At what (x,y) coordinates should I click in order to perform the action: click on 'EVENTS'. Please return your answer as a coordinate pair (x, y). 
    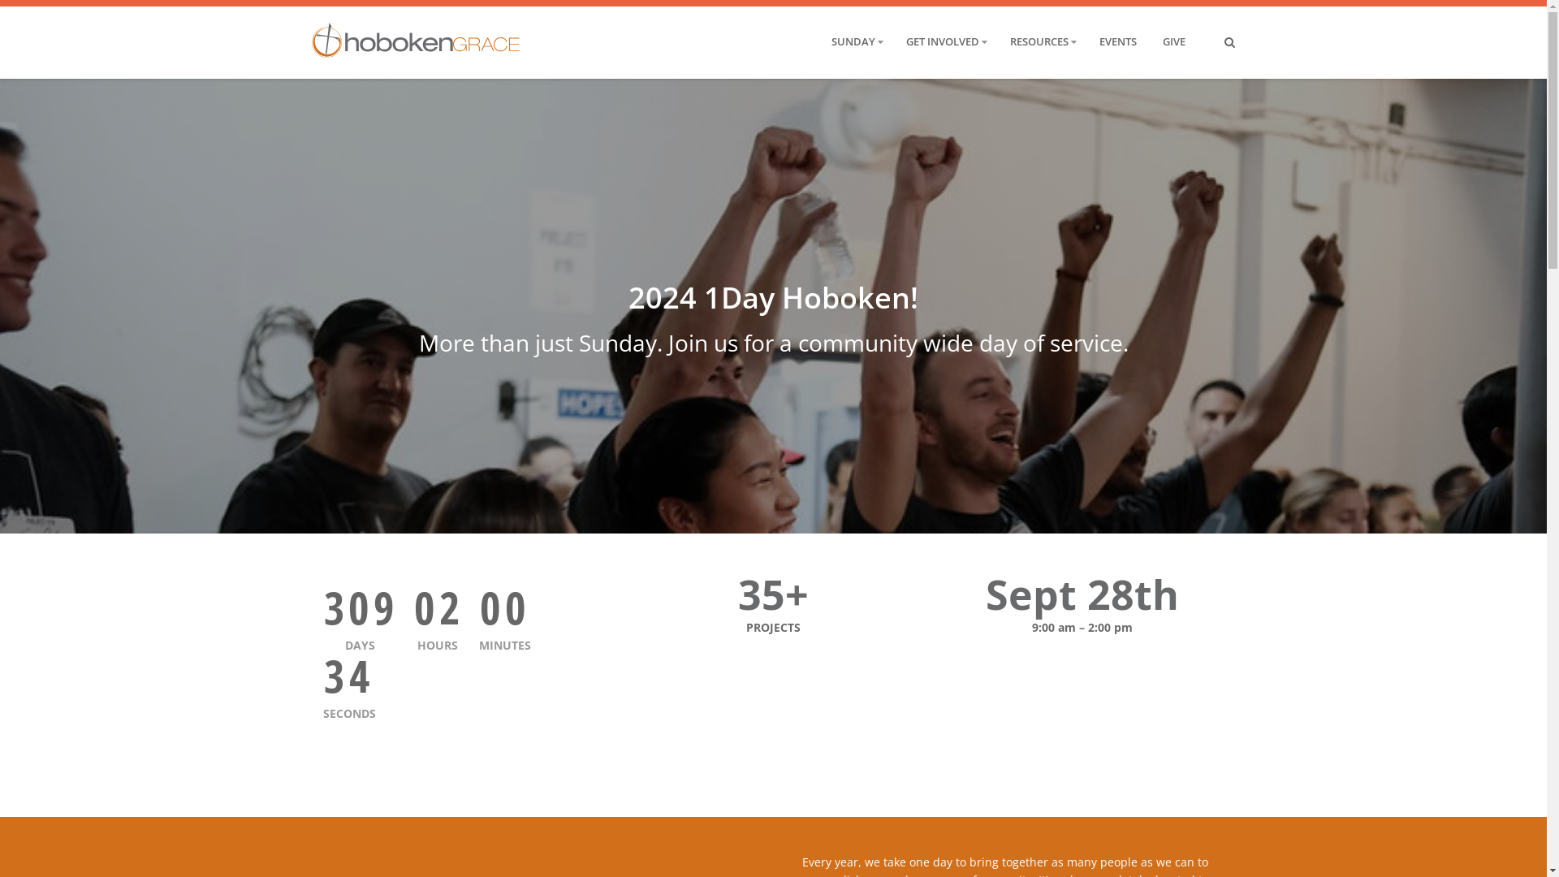
    Looking at the image, I should click on (1099, 41).